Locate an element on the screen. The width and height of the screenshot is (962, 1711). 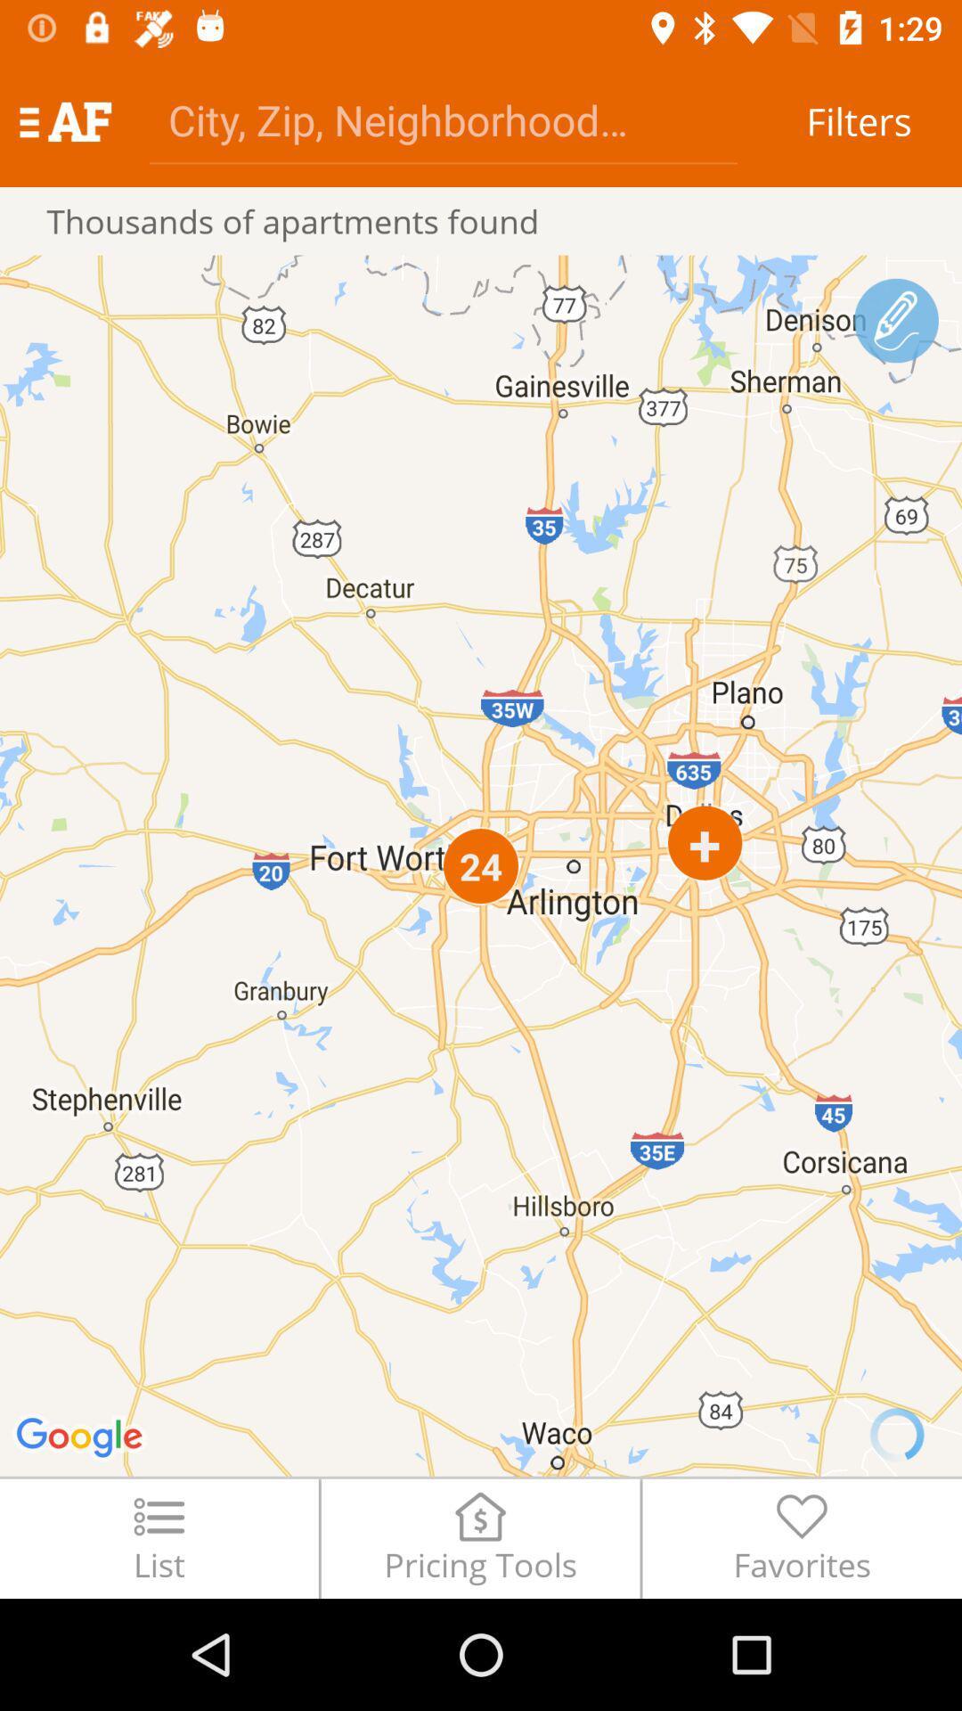
item below filters is located at coordinates (896, 321).